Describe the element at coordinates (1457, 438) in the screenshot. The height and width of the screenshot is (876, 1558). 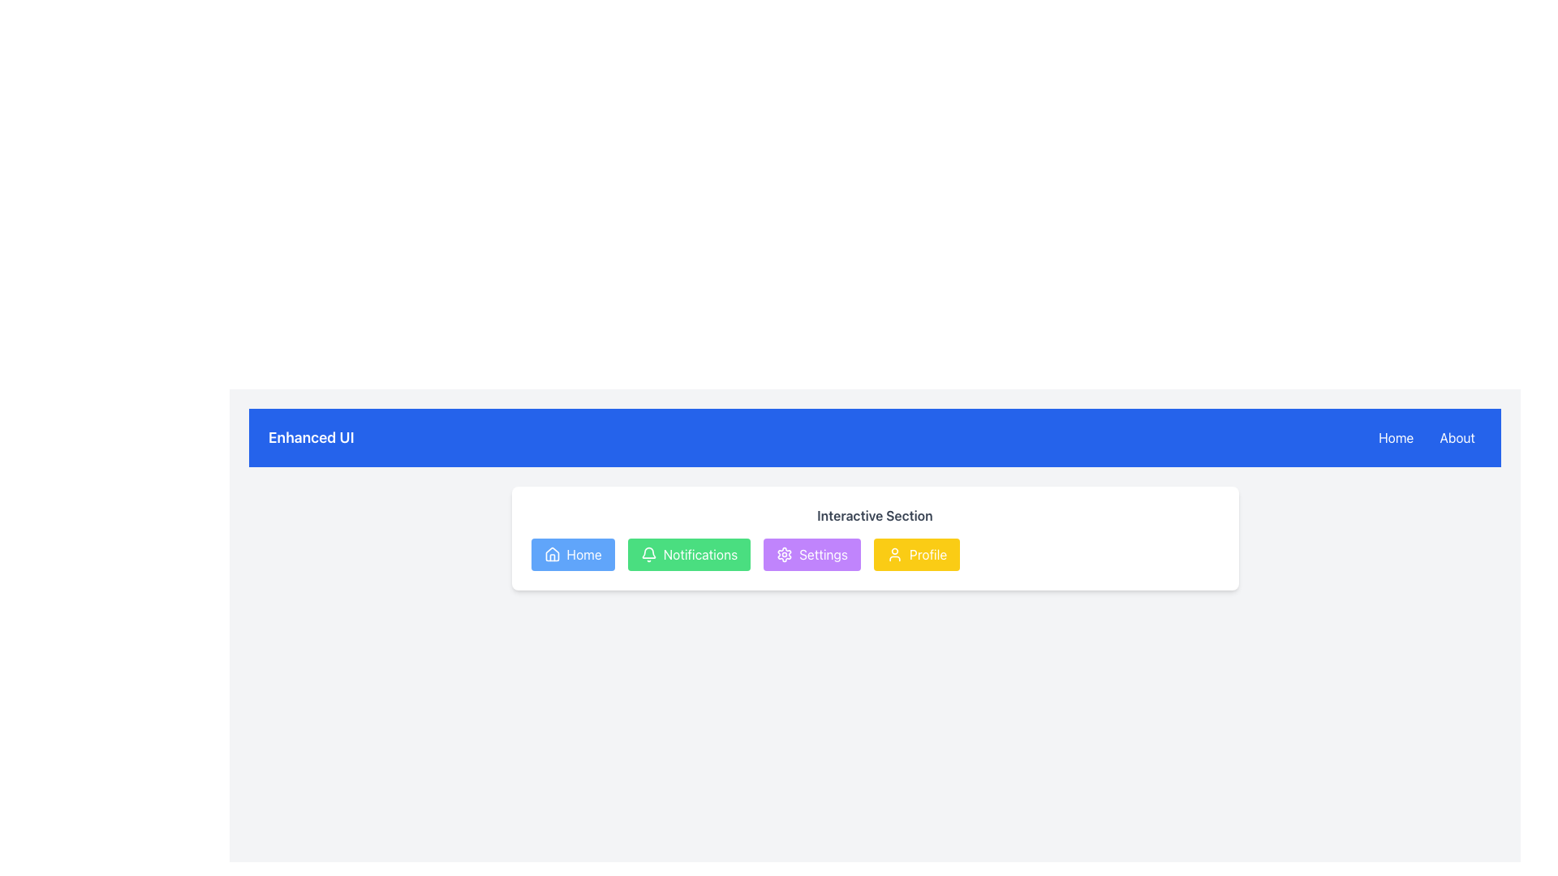
I see `the 'About' button located at the top-right of the blue navigation bar` at that location.